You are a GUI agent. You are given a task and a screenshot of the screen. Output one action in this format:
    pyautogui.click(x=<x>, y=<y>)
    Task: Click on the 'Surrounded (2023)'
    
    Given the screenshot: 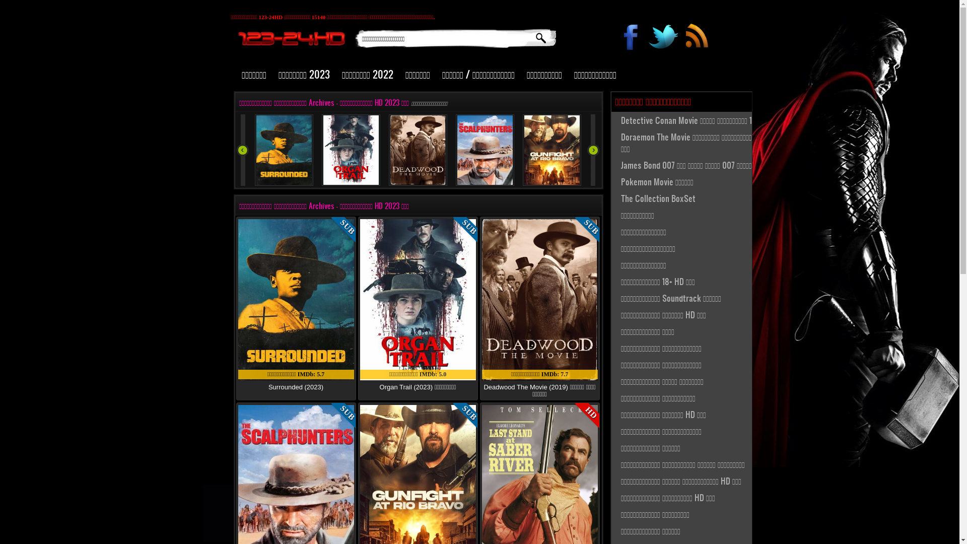 What is the action you would take?
    pyautogui.click(x=295, y=386)
    